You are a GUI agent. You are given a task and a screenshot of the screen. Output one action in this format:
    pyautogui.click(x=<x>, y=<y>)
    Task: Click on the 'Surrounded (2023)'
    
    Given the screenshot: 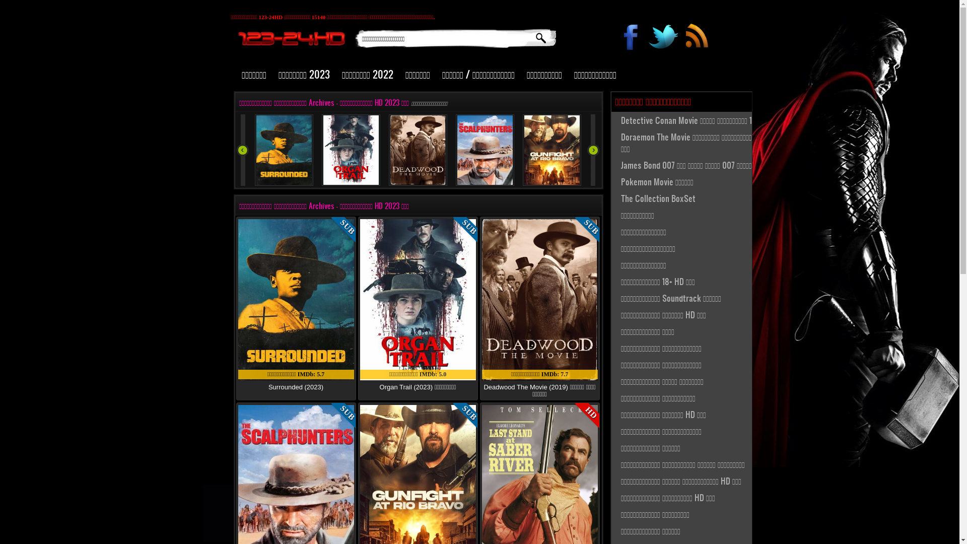 What is the action you would take?
    pyautogui.click(x=295, y=386)
    